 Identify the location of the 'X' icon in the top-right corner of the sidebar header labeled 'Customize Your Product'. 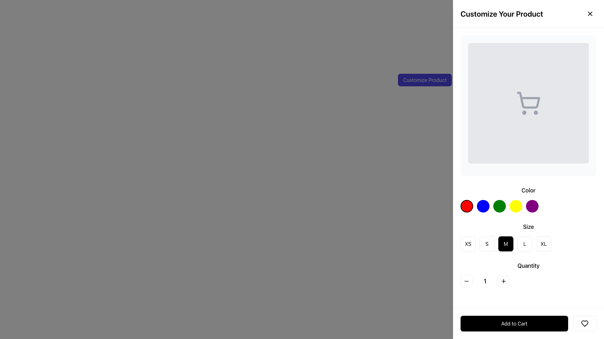
(590, 13).